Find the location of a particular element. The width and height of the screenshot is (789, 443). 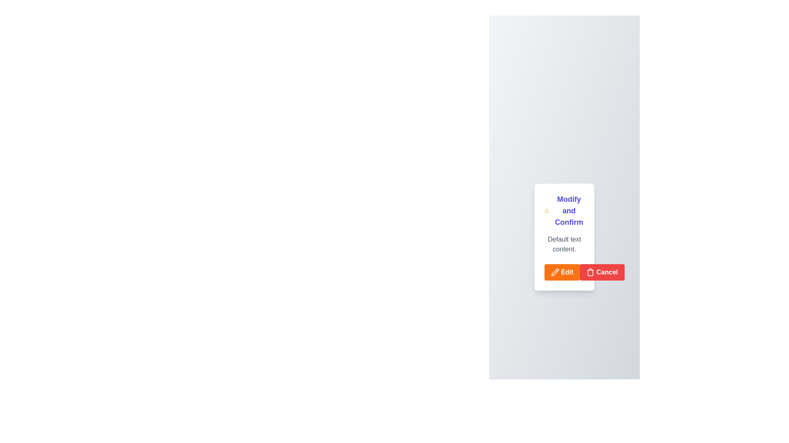

the rectangular orange button labeled 'Edit' with a pencil icon is located at coordinates (562, 272).